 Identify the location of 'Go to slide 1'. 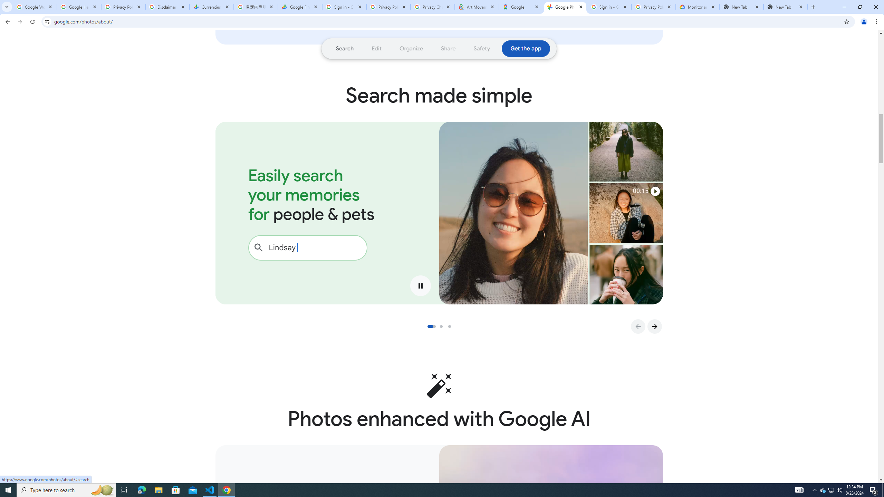
(431, 326).